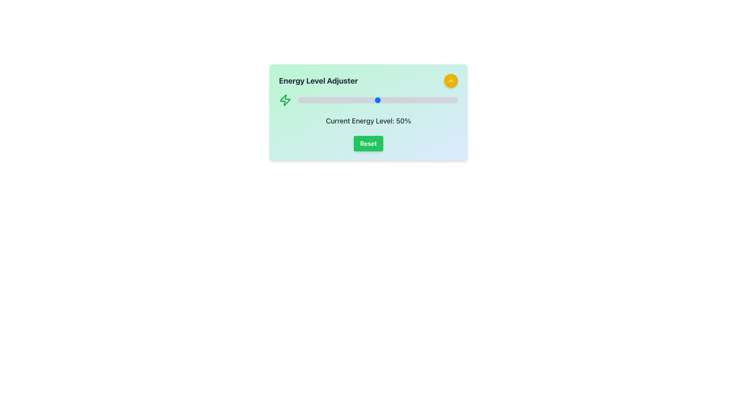 This screenshot has width=744, height=418. Describe the element at coordinates (307, 99) in the screenshot. I see `the energy level` at that location.